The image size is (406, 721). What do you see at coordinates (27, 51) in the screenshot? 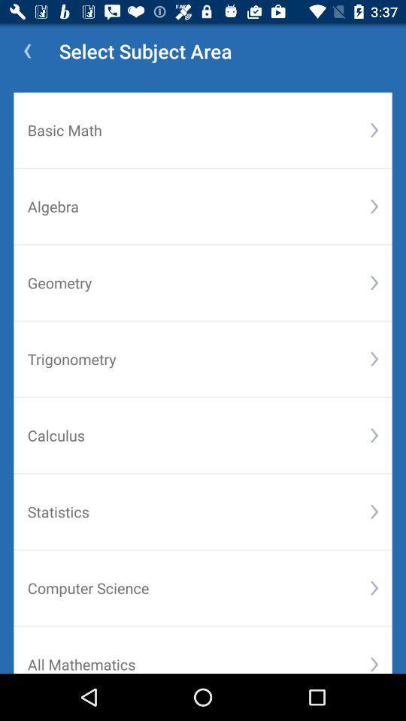
I see `app to the left of select subject area app` at bounding box center [27, 51].